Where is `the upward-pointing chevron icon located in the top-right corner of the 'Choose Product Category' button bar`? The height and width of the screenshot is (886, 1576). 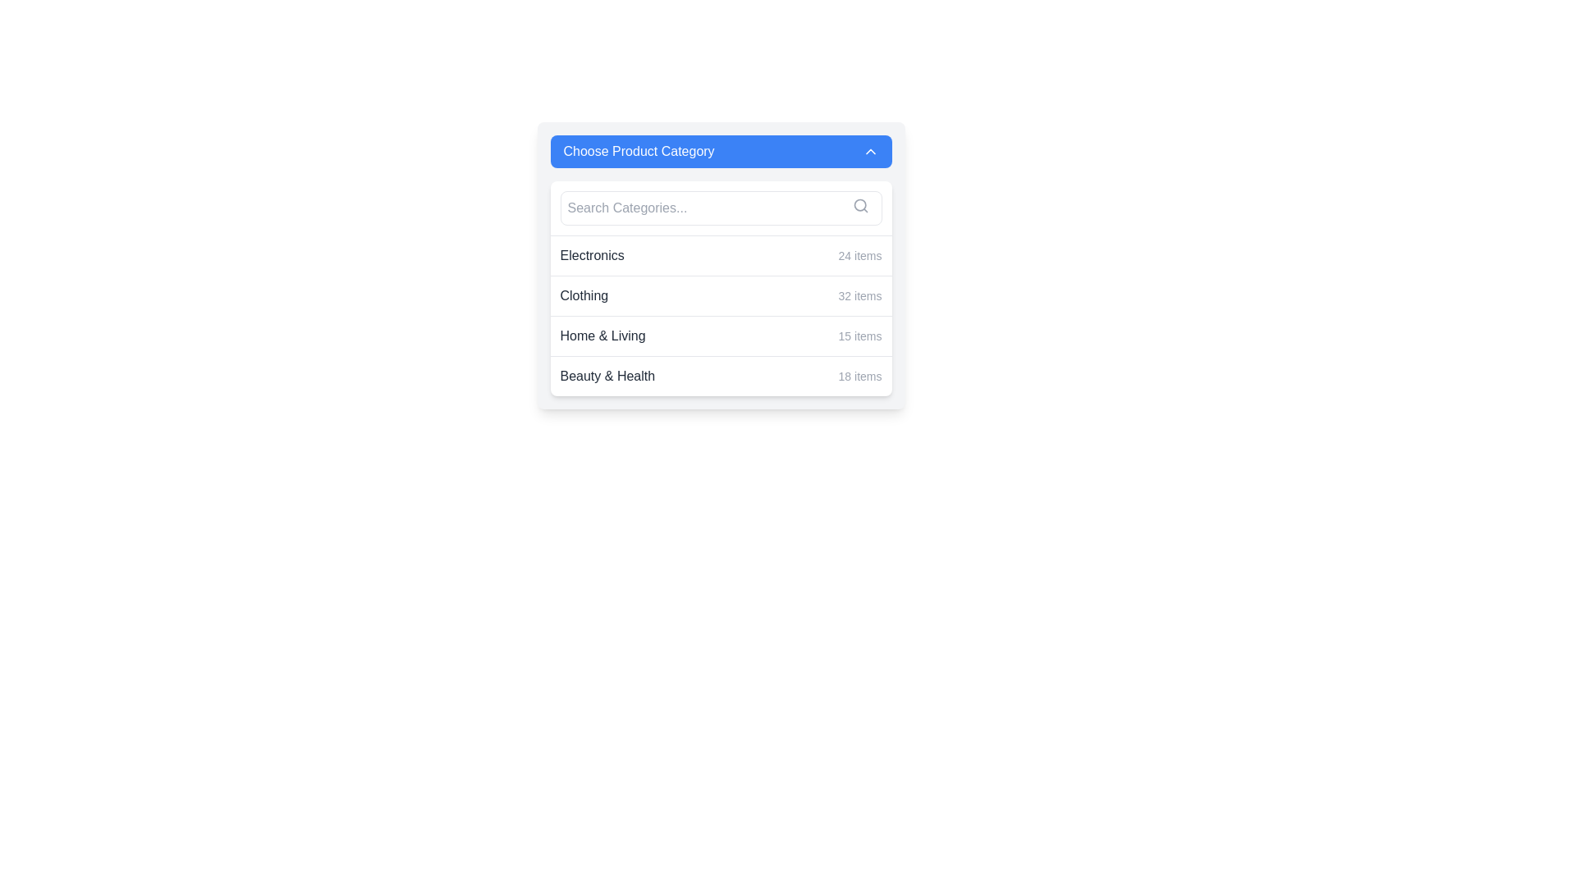 the upward-pointing chevron icon located in the top-right corner of the 'Choose Product Category' button bar is located at coordinates (869, 152).